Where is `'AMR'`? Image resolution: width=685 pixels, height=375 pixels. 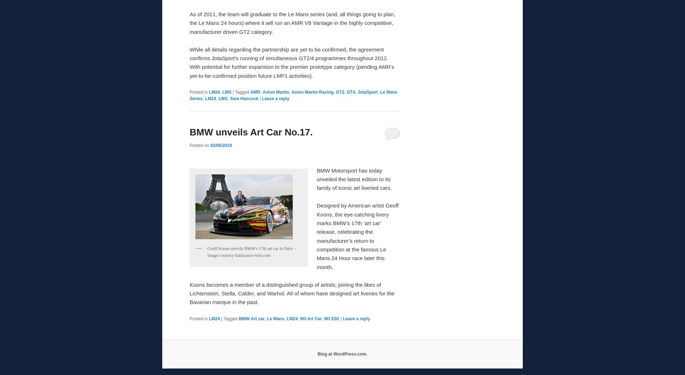
'AMR' is located at coordinates (255, 91).